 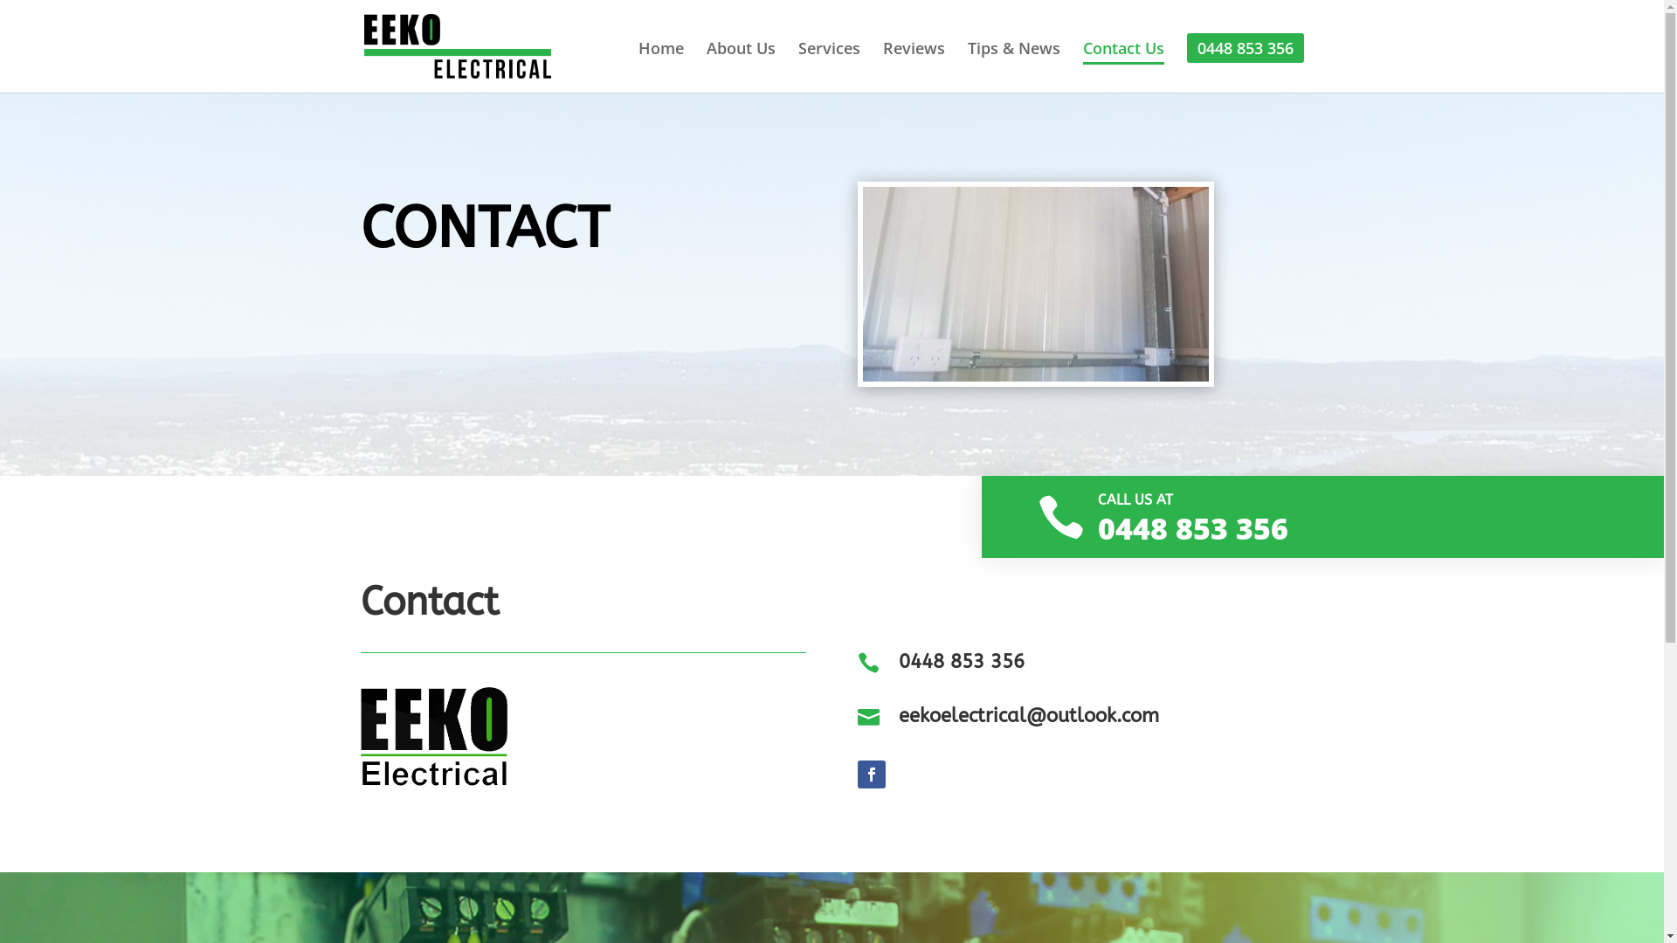 What do you see at coordinates (828, 63) in the screenshot?
I see `'Services'` at bounding box center [828, 63].